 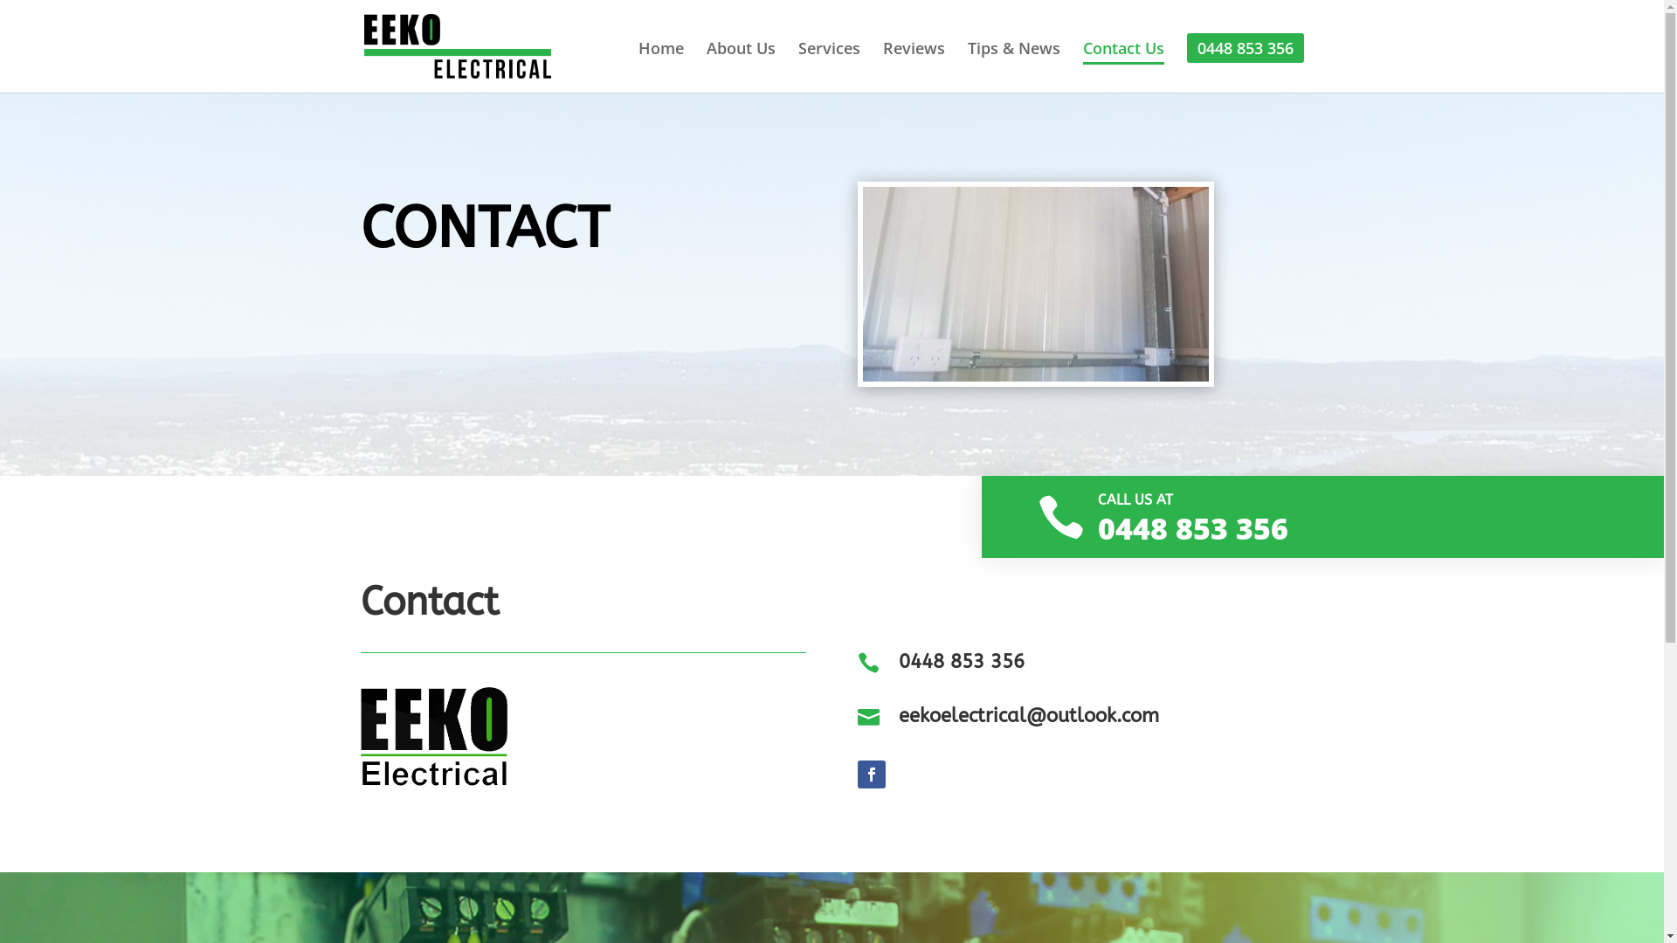 What do you see at coordinates (828, 63) in the screenshot?
I see `'Services'` at bounding box center [828, 63].